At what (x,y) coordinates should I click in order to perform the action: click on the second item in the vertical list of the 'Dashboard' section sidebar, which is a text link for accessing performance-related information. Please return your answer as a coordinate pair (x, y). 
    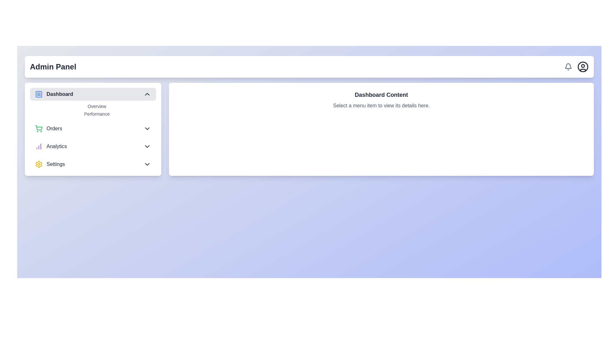
    Looking at the image, I should click on (96, 114).